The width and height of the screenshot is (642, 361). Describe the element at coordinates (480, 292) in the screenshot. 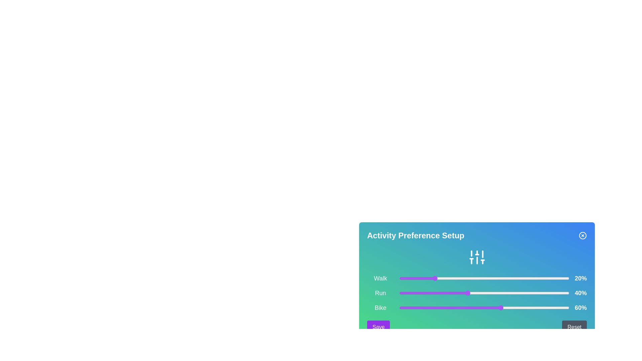

I see `the slider for 1 to 48%` at that location.